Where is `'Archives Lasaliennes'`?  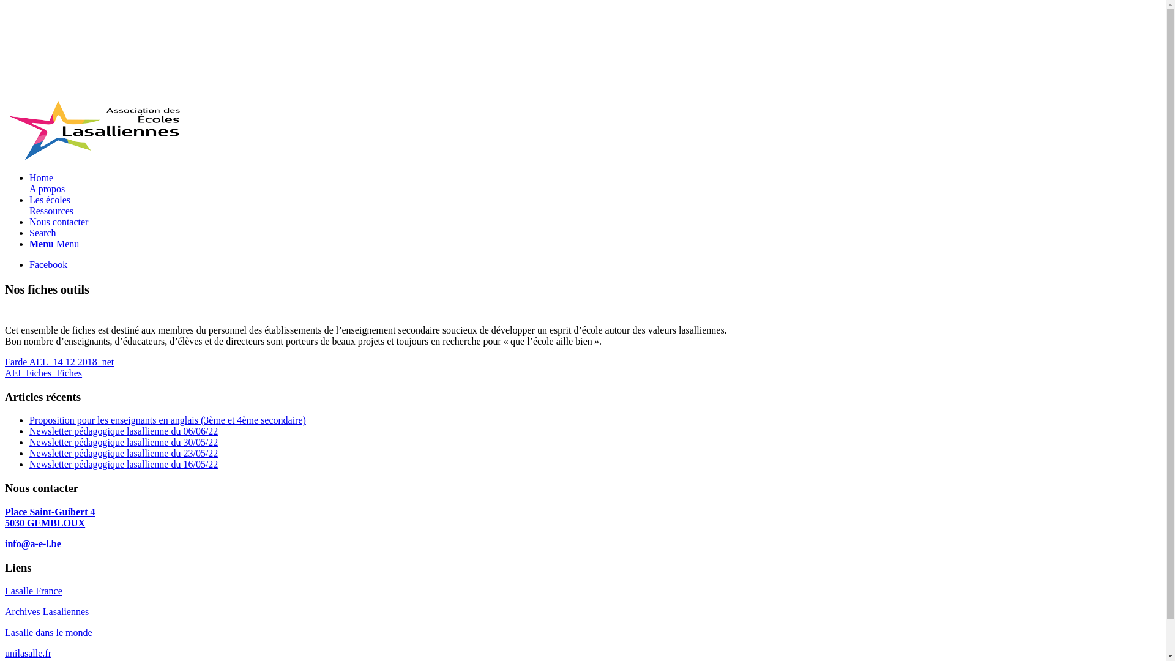
'Archives Lasaliennes' is located at coordinates (47, 611).